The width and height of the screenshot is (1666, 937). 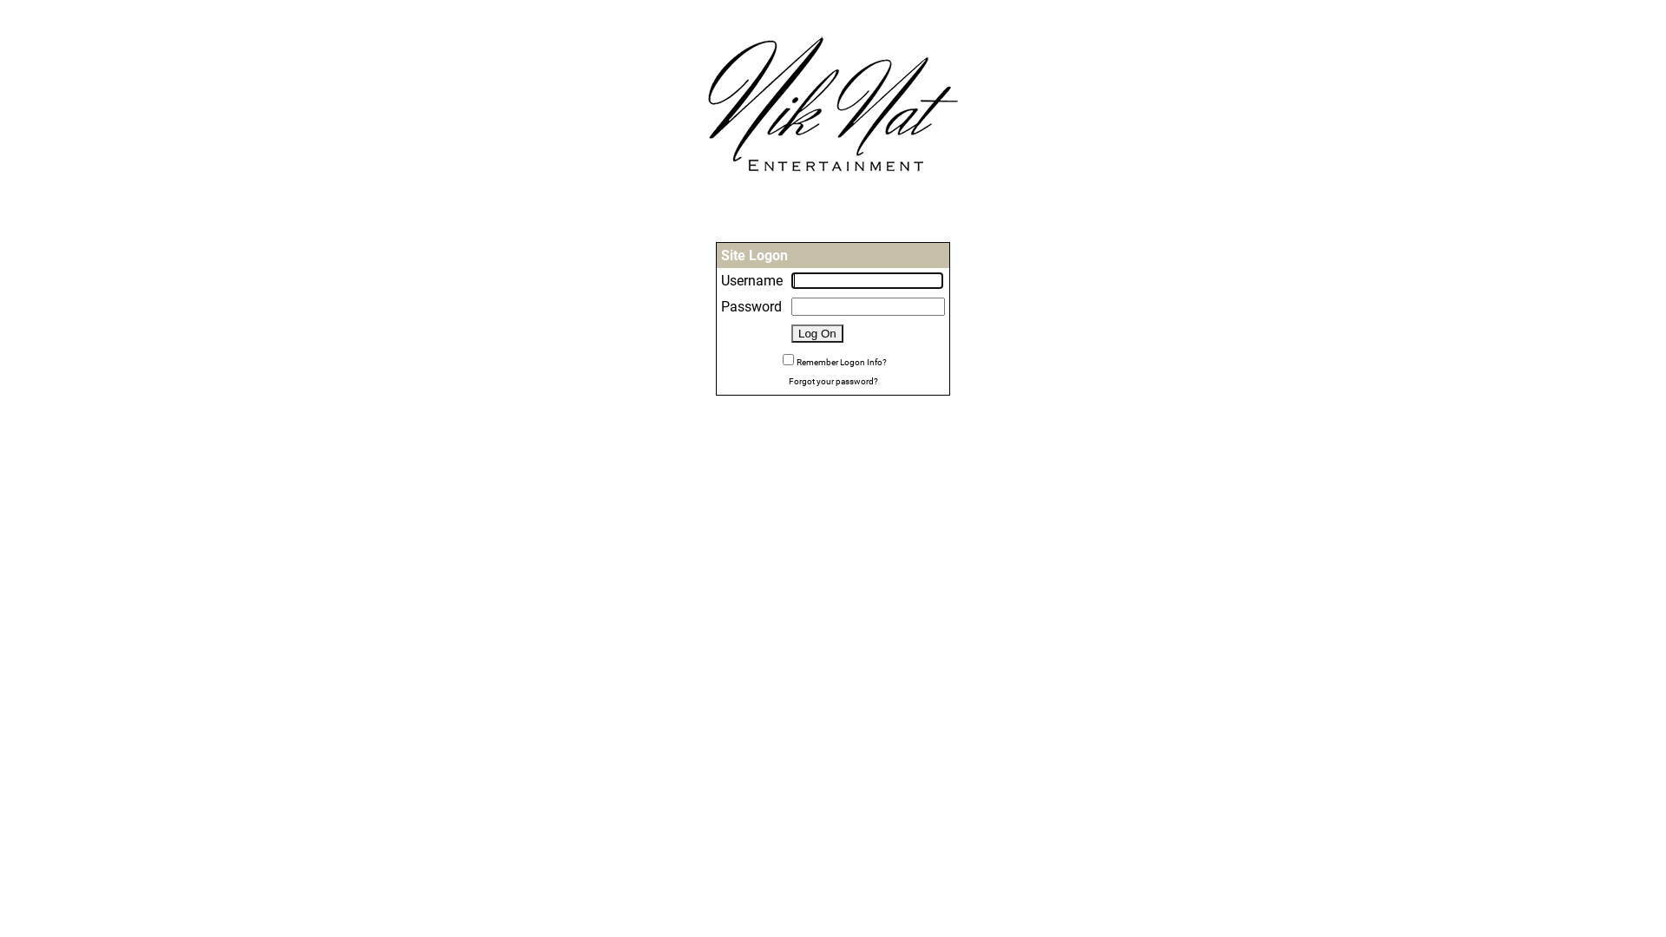 I want to click on 'set_cookie', so click(x=787, y=358).